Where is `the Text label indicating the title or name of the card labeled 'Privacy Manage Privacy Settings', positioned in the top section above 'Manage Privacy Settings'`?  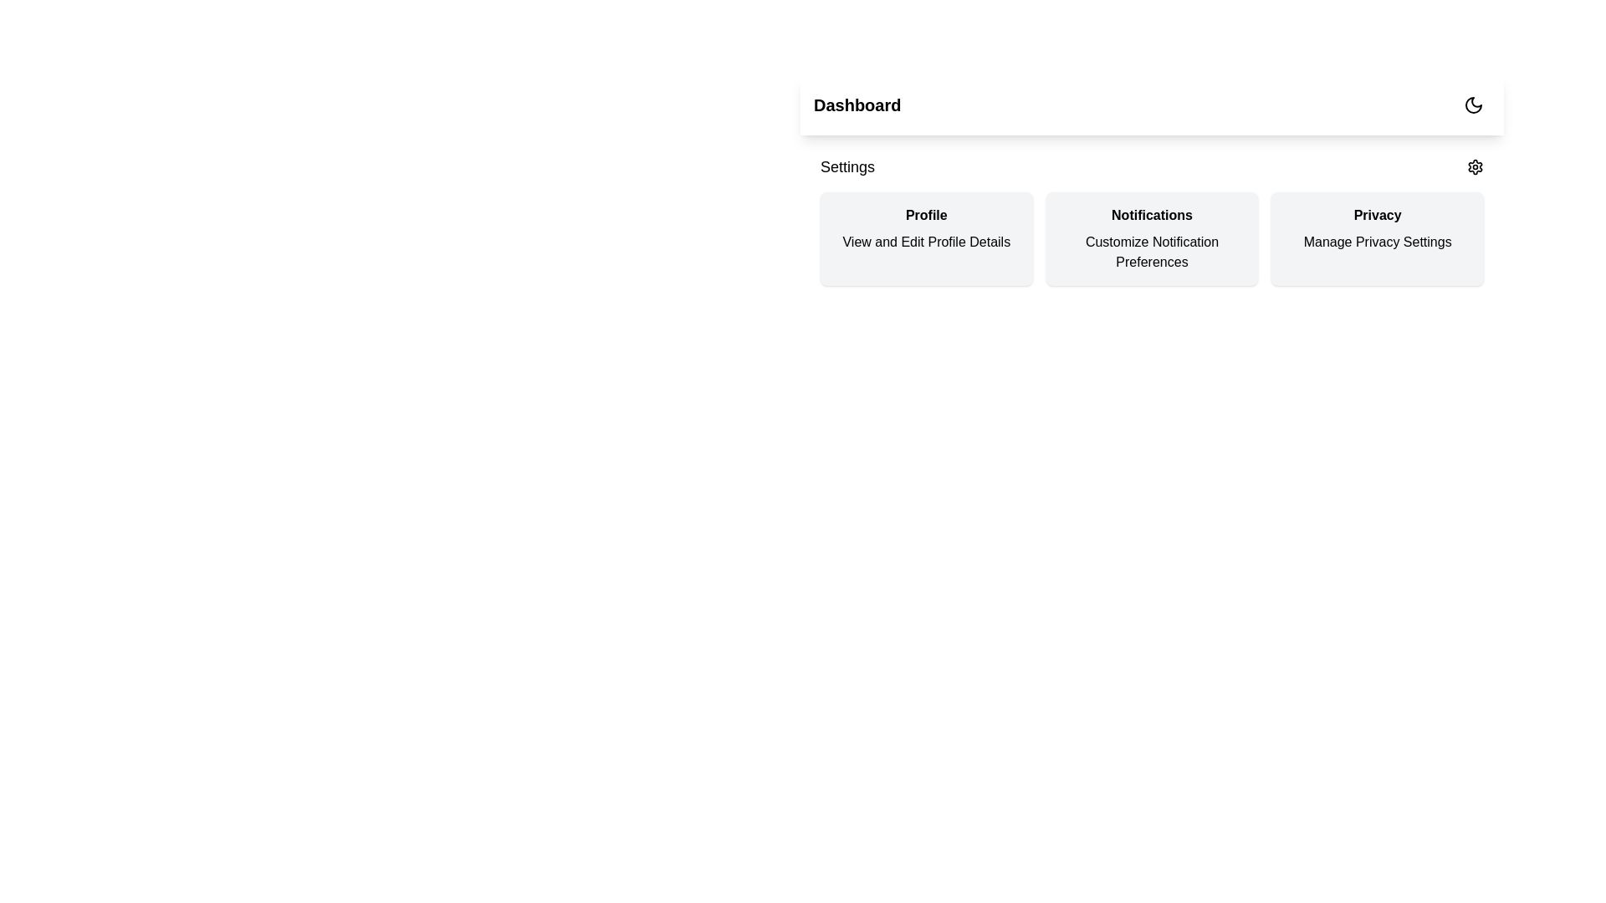 the Text label indicating the title or name of the card labeled 'Privacy Manage Privacy Settings', positioned in the top section above 'Manage Privacy Settings' is located at coordinates (1378, 215).